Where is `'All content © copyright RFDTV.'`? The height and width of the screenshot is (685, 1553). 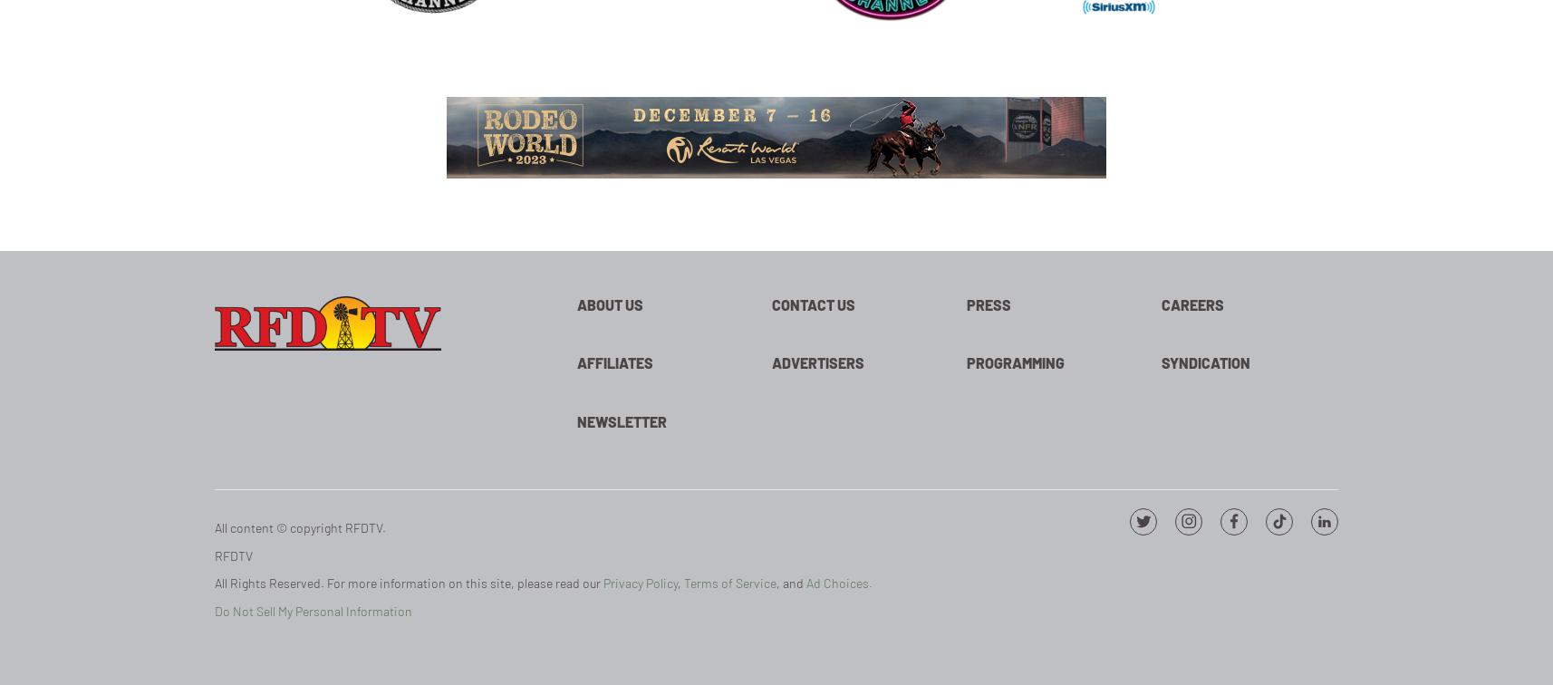 'All content © copyright RFDTV.' is located at coordinates (299, 526).